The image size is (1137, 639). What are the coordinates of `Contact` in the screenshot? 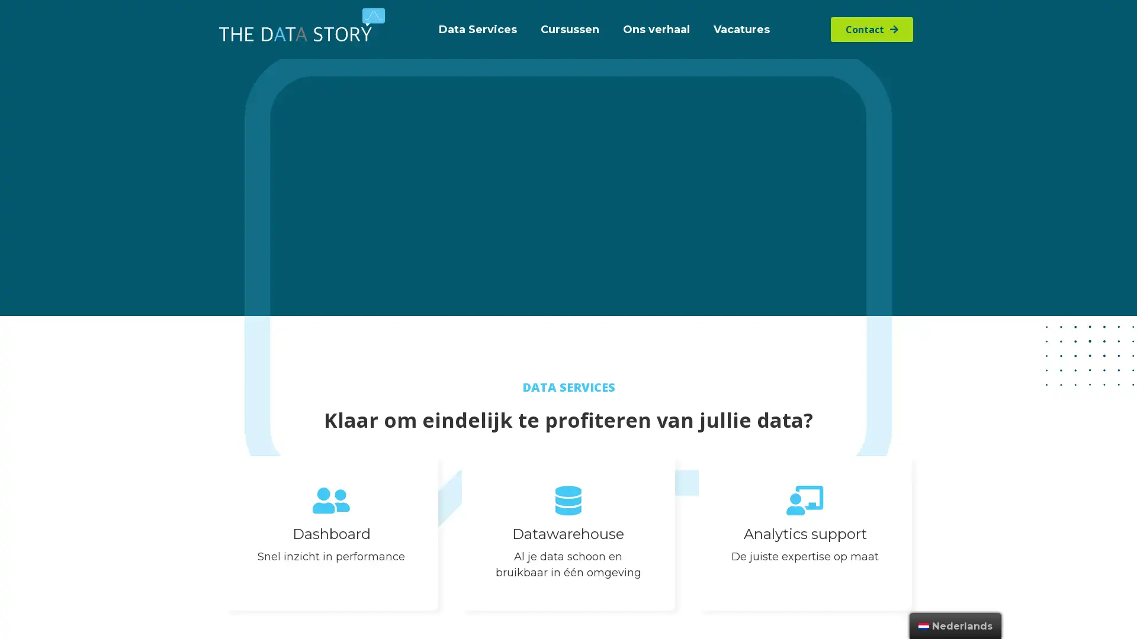 It's located at (871, 28).